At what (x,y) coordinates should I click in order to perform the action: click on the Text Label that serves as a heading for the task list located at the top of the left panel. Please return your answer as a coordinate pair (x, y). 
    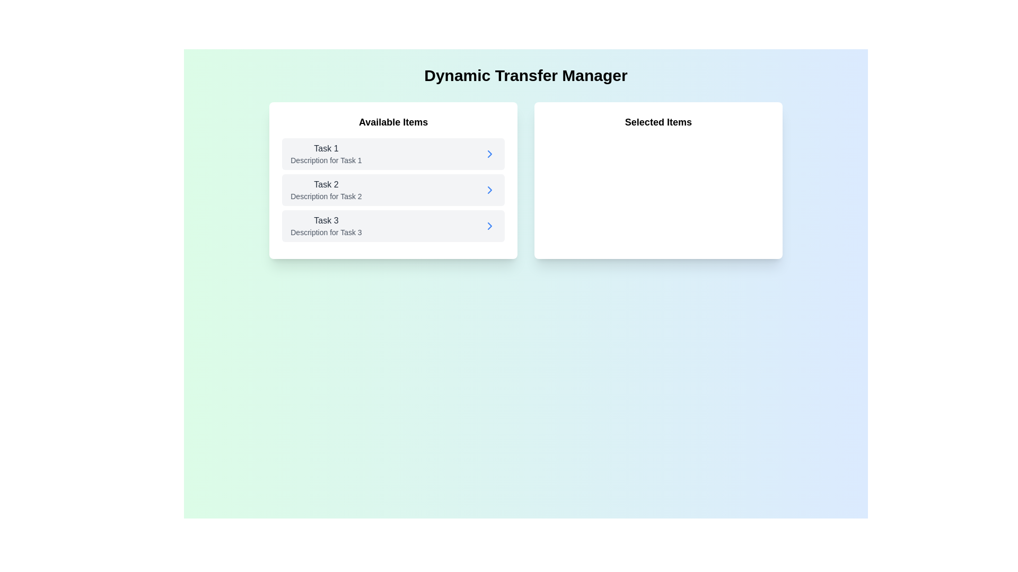
    Looking at the image, I should click on (393, 122).